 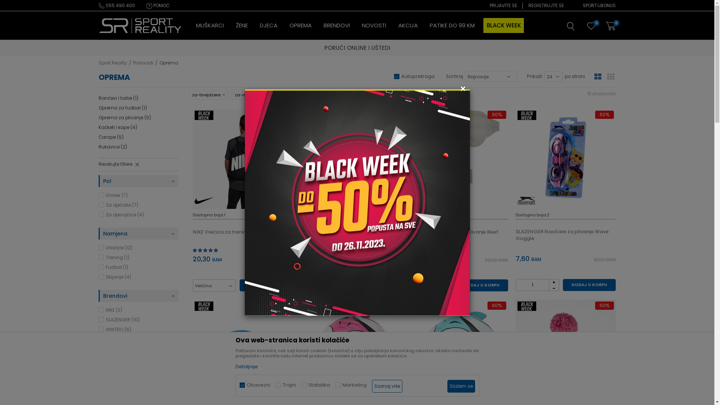 I want to click on 'Oprema za fudbal (1)', so click(x=98, y=108).